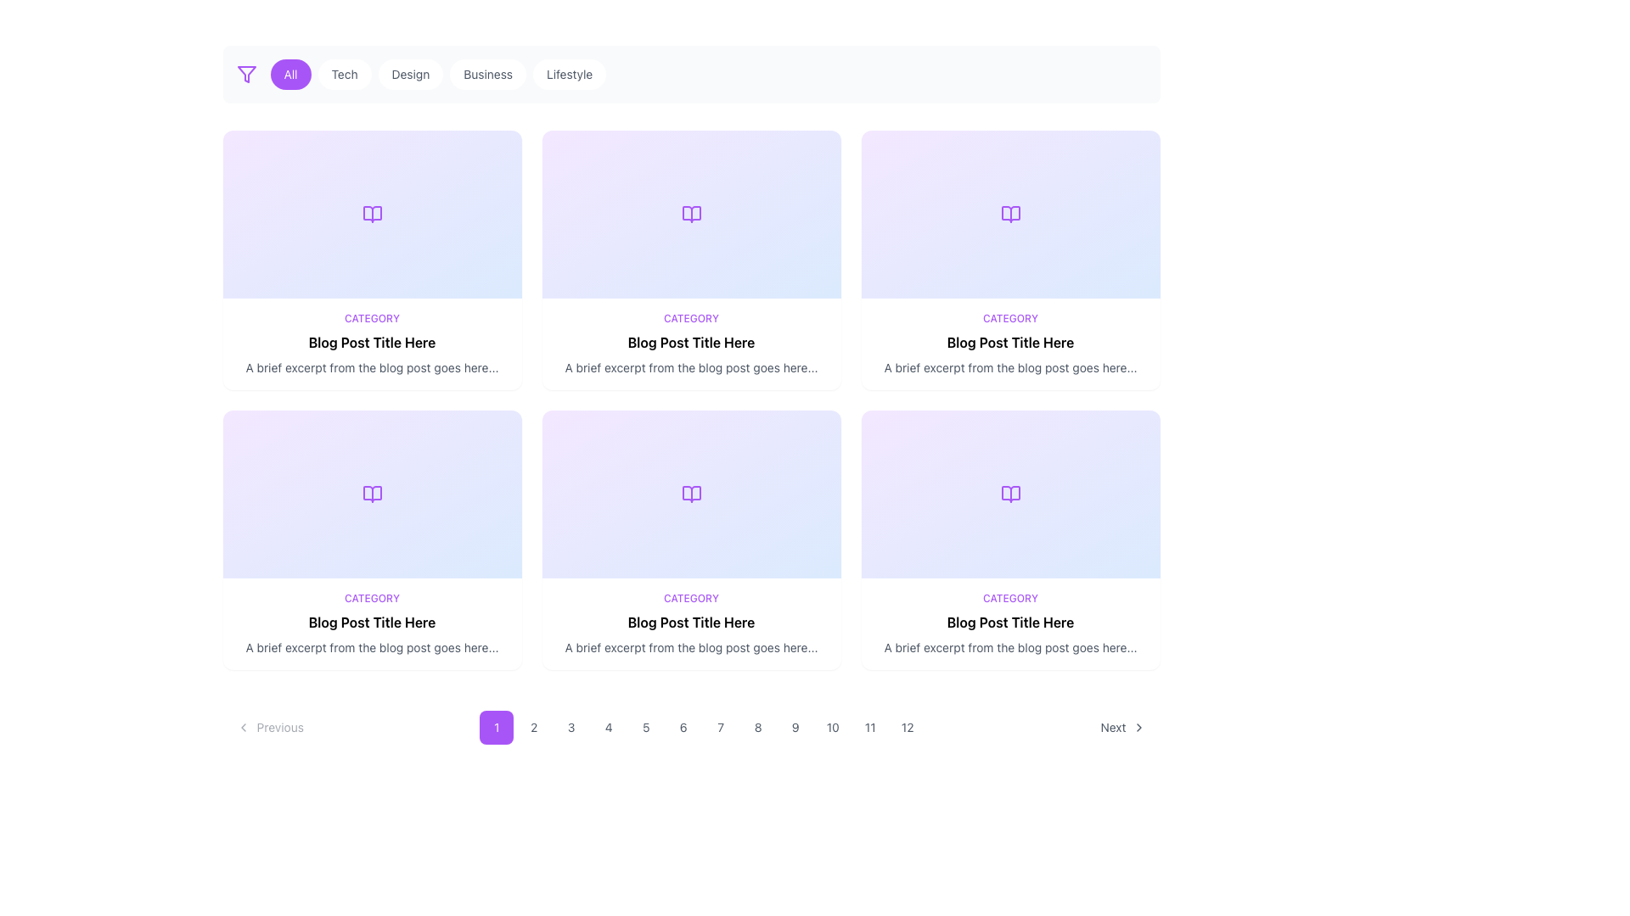  I want to click on the circular button displaying the text '3', so click(571, 726).